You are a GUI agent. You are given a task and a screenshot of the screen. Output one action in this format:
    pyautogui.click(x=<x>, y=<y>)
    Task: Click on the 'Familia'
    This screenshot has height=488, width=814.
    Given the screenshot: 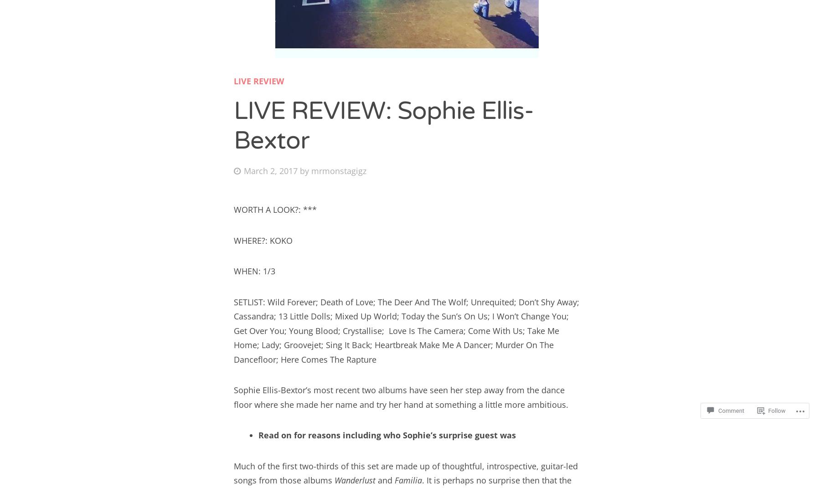 What is the action you would take?
    pyautogui.click(x=408, y=480)
    